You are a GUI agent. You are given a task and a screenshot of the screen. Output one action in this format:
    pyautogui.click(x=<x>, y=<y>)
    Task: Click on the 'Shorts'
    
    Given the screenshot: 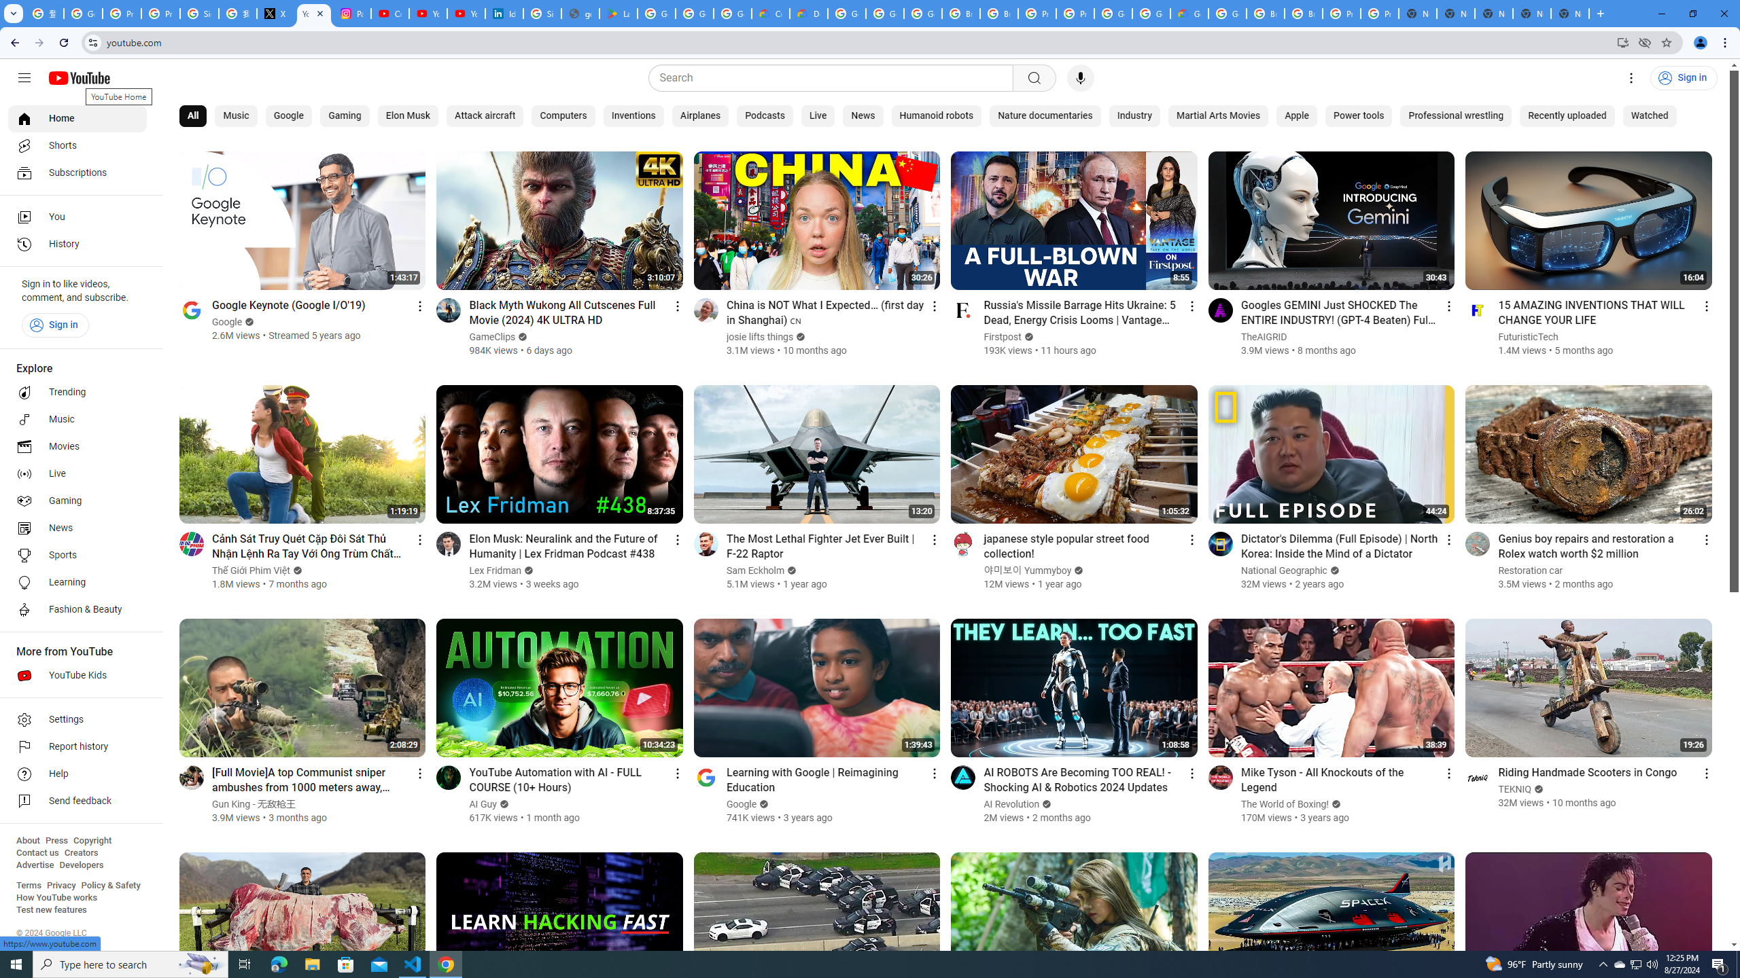 What is the action you would take?
    pyautogui.click(x=77, y=145)
    